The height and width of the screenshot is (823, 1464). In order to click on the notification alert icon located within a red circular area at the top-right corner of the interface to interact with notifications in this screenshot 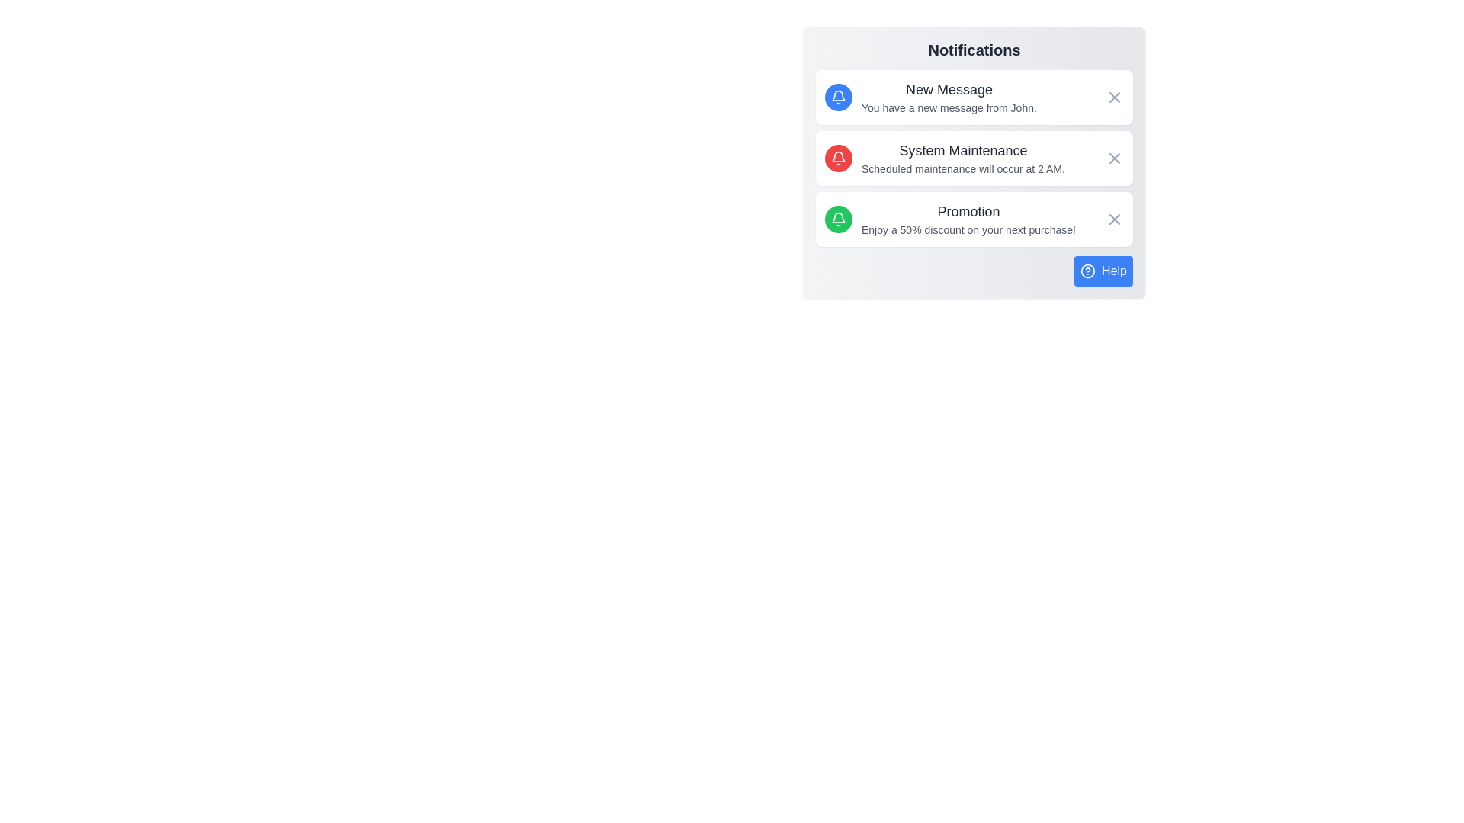, I will do `click(837, 159)`.